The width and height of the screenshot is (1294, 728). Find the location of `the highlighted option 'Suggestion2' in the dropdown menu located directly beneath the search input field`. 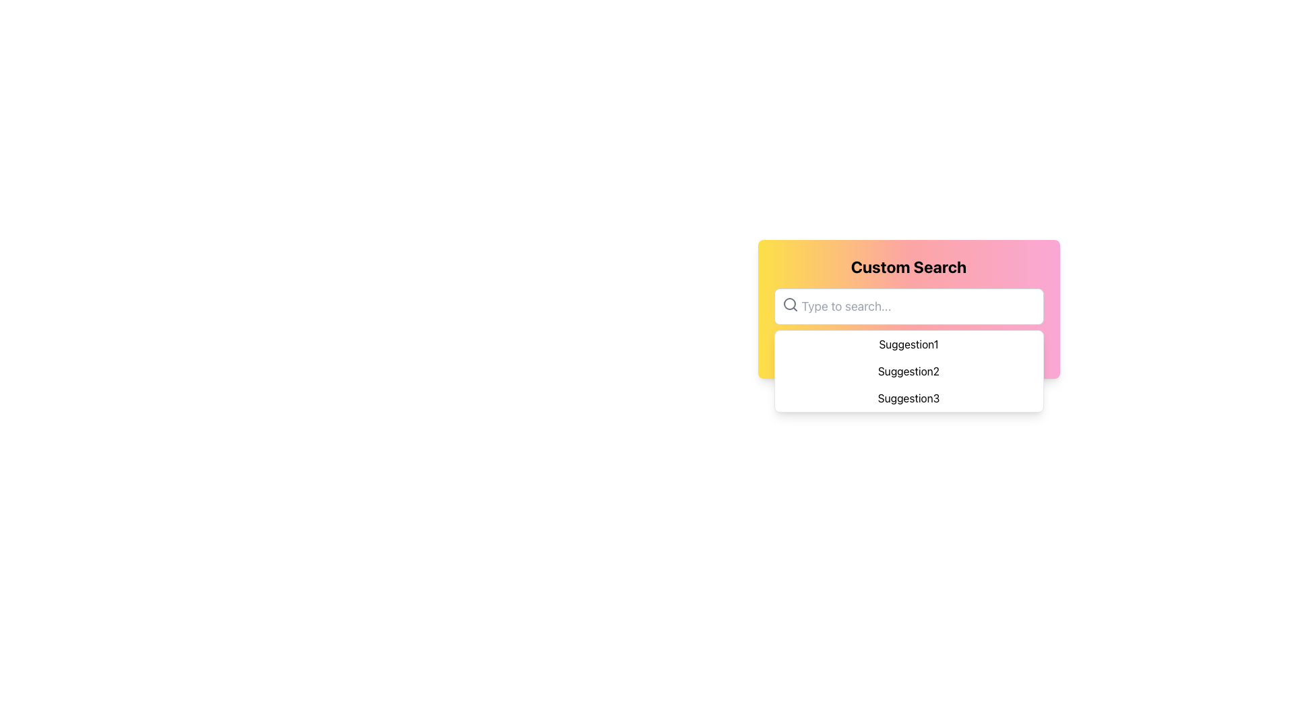

the highlighted option 'Suggestion2' in the dropdown menu located directly beneath the search input field is located at coordinates (908, 371).